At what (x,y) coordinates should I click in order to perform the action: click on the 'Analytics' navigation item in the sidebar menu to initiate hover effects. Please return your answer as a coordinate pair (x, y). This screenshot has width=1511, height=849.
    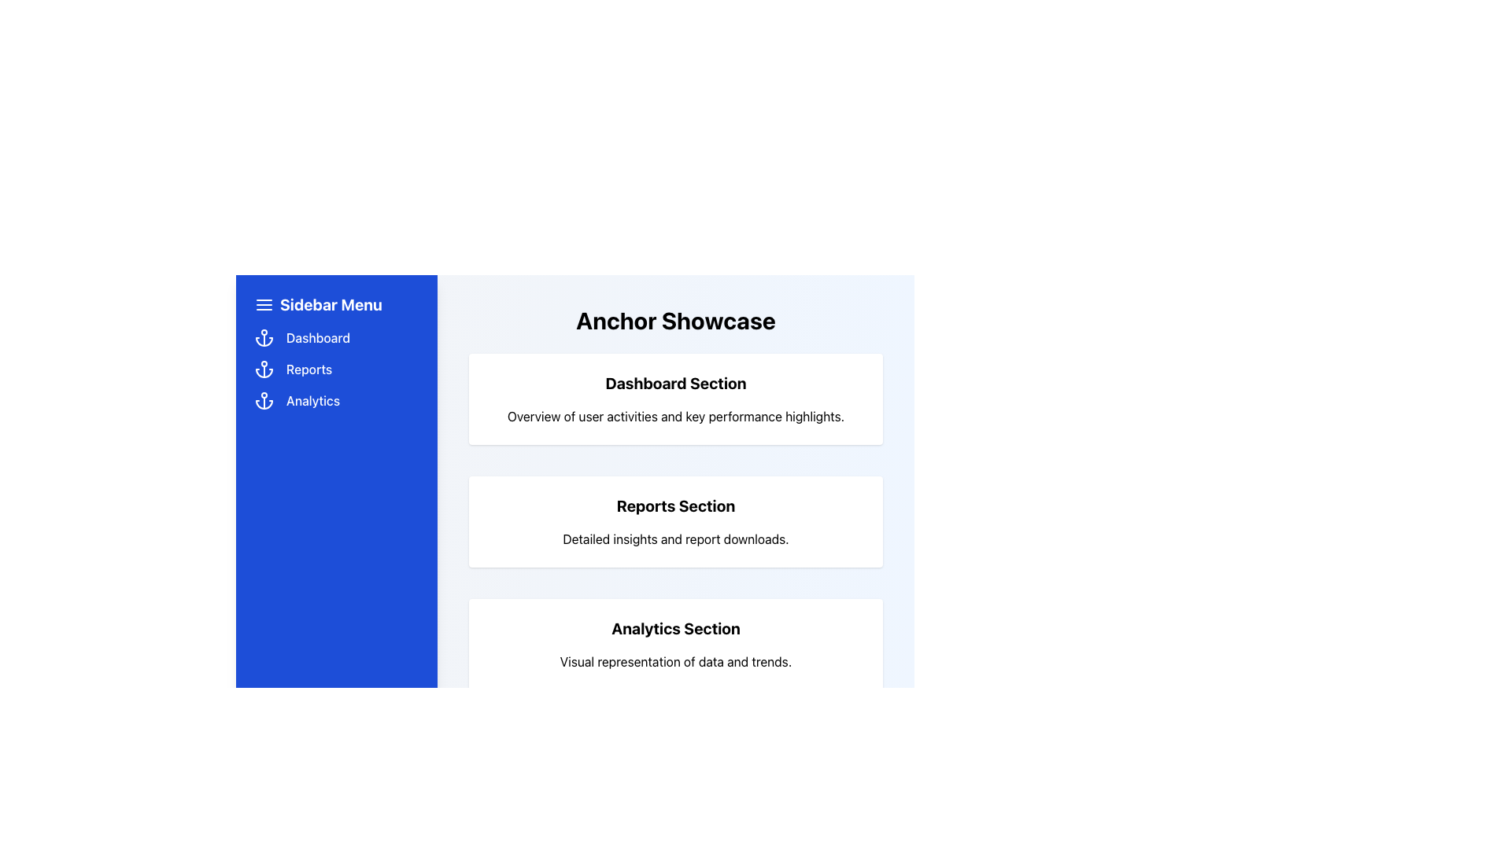
    Looking at the image, I should click on (335, 399).